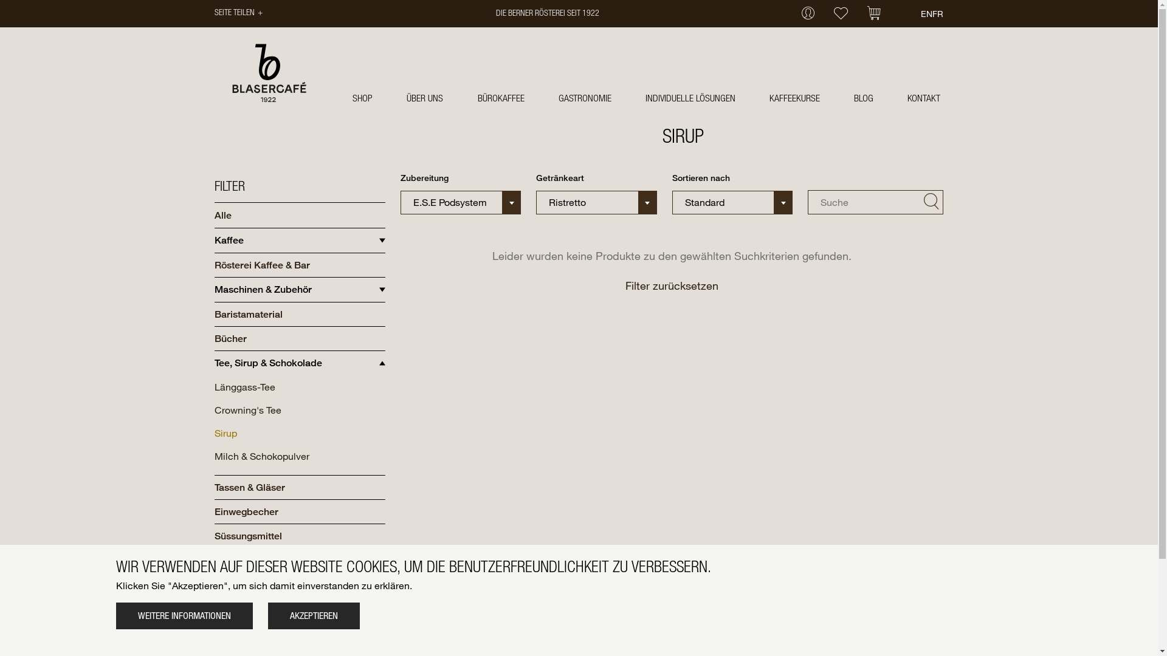  Describe the element at coordinates (873, 14) in the screenshot. I see `'Warenkorb'` at that location.